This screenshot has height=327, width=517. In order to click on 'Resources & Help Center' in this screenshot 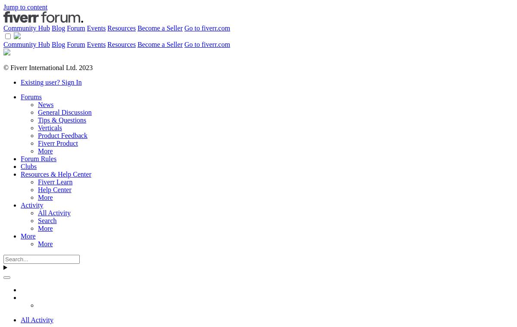, I will do `click(21, 174)`.